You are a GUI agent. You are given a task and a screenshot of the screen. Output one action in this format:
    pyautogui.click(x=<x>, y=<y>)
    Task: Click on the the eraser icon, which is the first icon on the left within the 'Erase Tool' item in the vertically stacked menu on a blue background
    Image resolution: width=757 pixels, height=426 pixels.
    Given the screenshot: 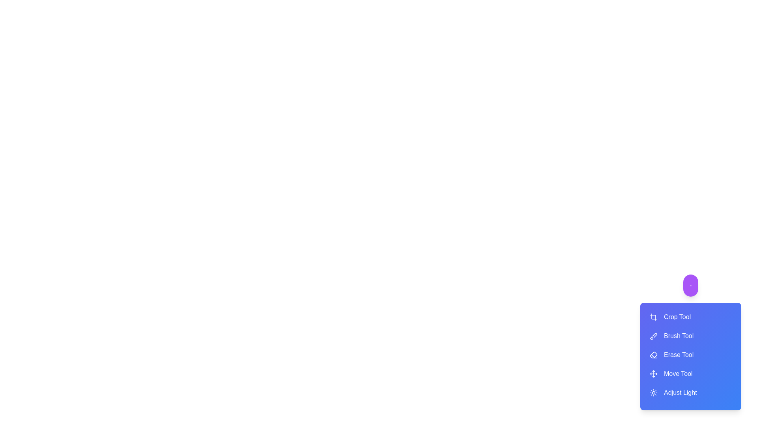 What is the action you would take?
    pyautogui.click(x=653, y=354)
    